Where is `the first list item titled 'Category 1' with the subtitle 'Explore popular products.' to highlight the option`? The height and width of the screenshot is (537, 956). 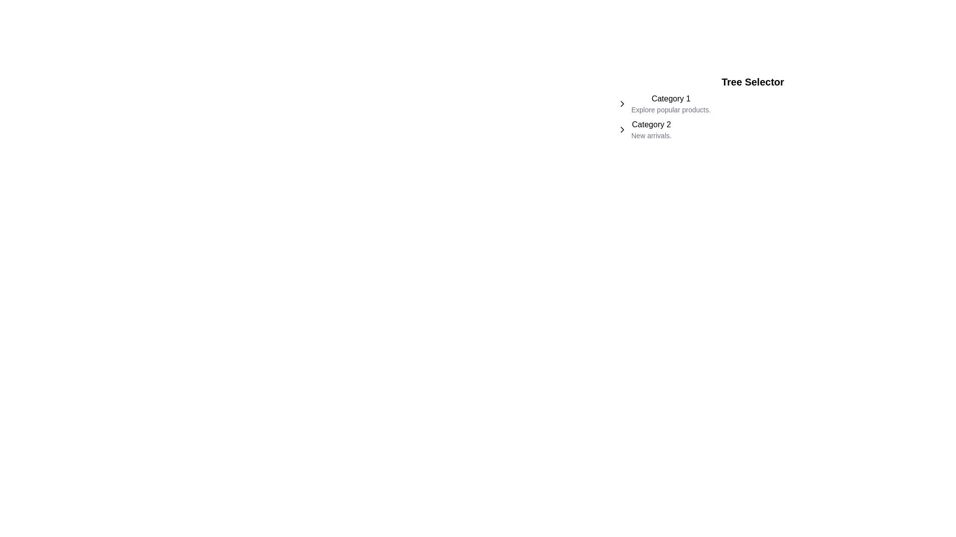
the first list item titled 'Category 1' with the subtitle 'Explore popular products.' to highlight the option is located at coordinates (671, 103).